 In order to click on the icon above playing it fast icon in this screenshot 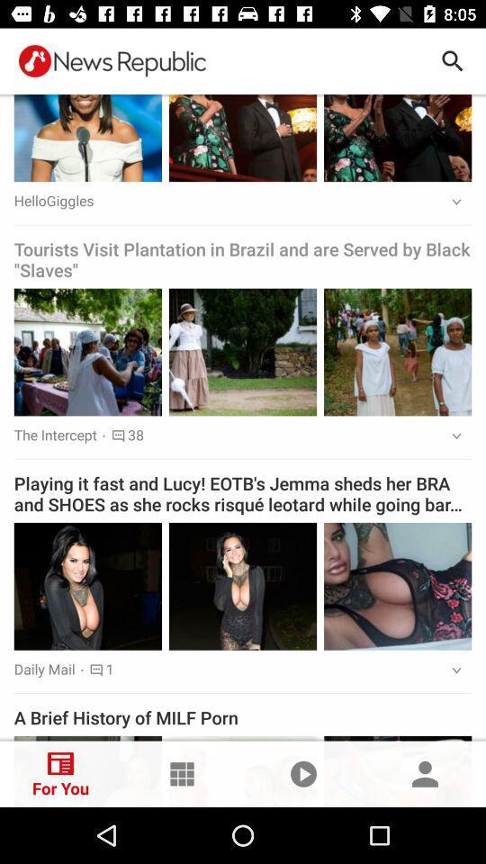, I will do `click(450, 436)`.